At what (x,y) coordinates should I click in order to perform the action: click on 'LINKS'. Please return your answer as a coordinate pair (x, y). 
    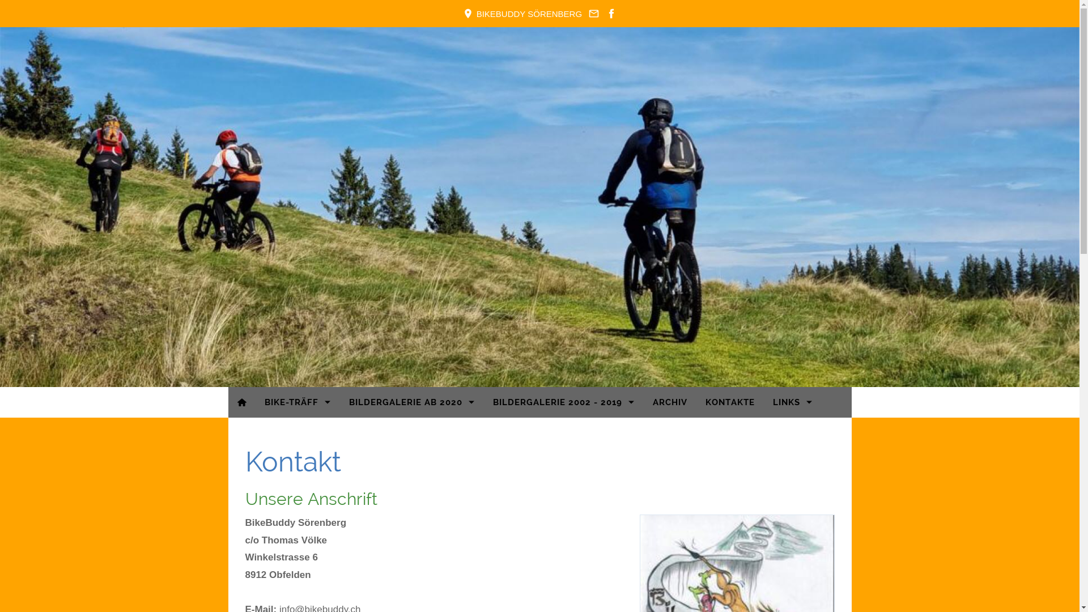
    Looking at the image, I should click on (764, 401).